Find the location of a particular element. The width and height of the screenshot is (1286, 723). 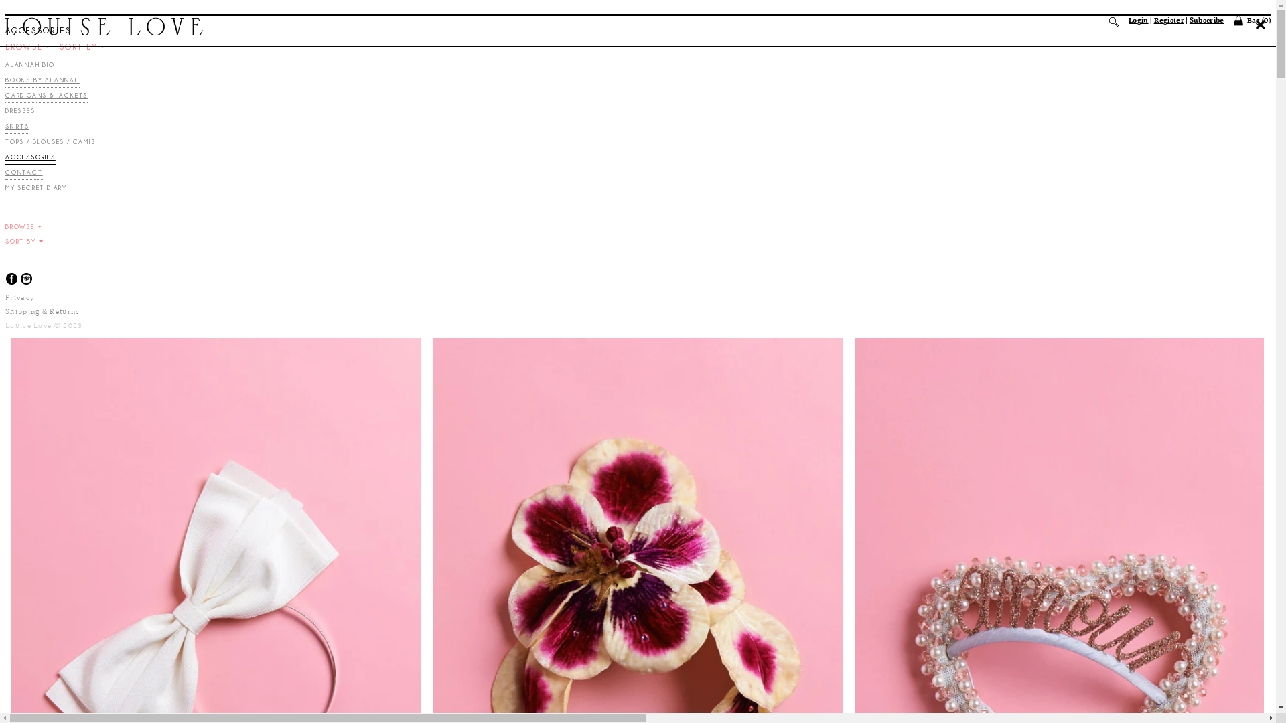

'Subscribe' is located at coordinates (1206, 20).